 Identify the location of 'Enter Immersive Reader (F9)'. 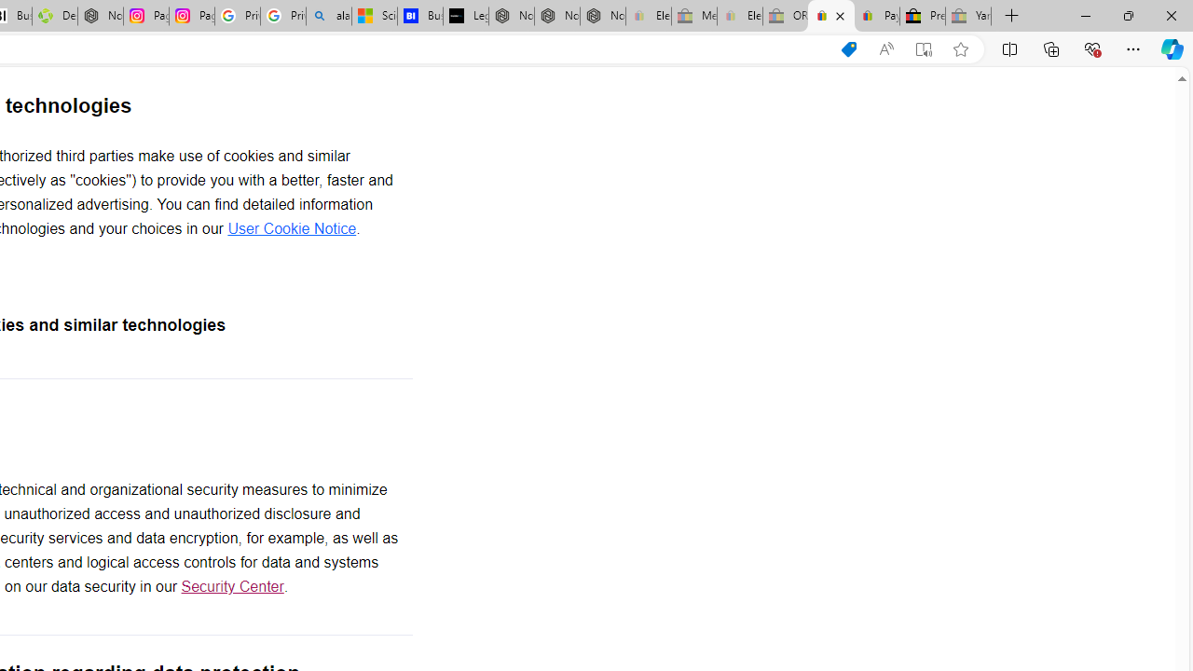
(924, 48).